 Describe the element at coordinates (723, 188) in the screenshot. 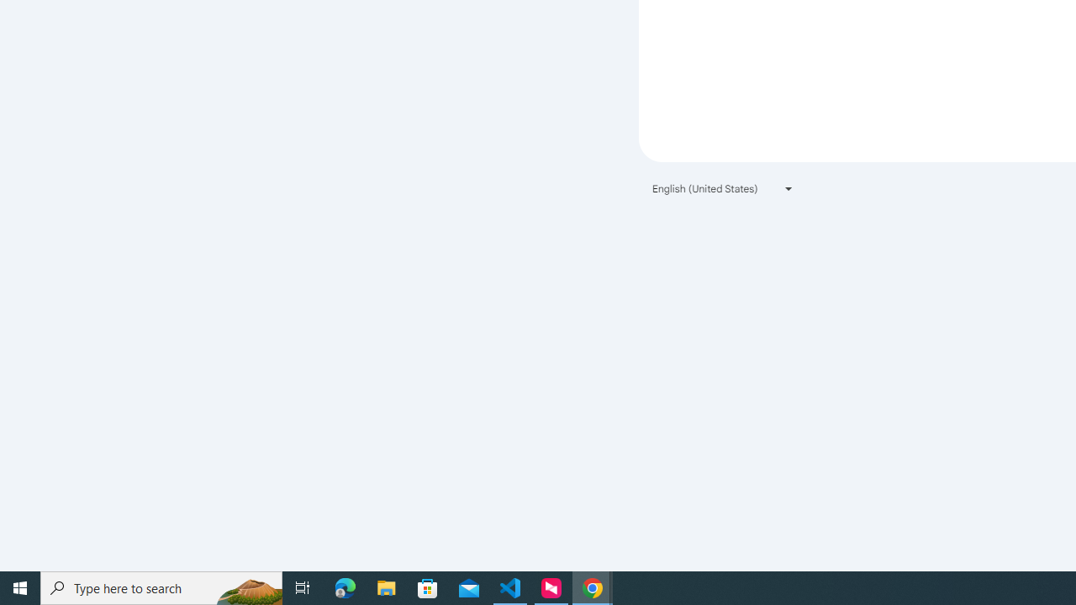

I see `'English (United States)'` at that location.